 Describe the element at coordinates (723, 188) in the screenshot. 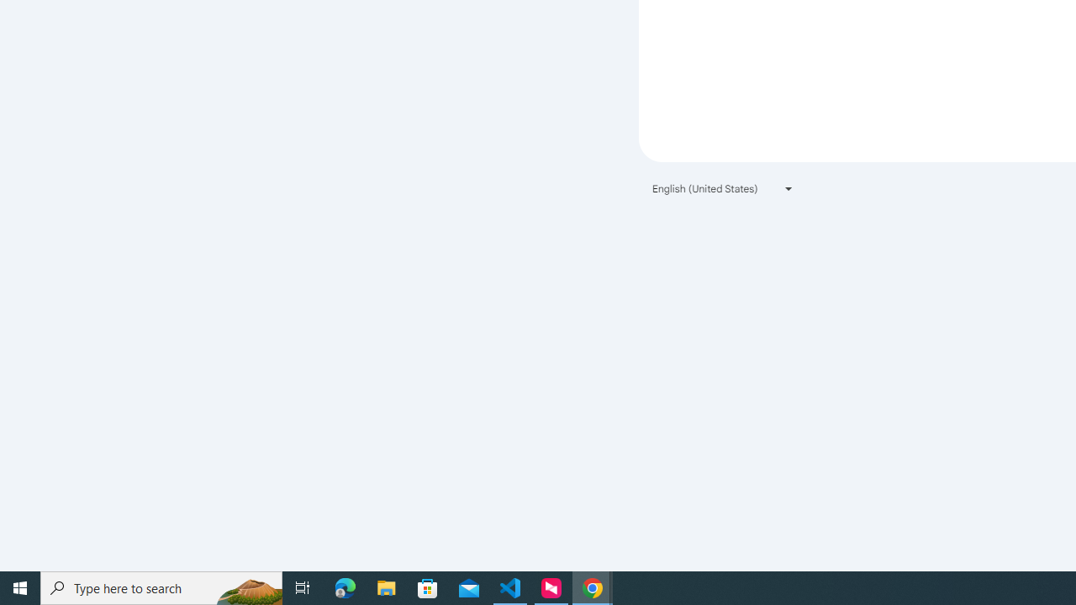

I see `'English (United States)'` at that location.